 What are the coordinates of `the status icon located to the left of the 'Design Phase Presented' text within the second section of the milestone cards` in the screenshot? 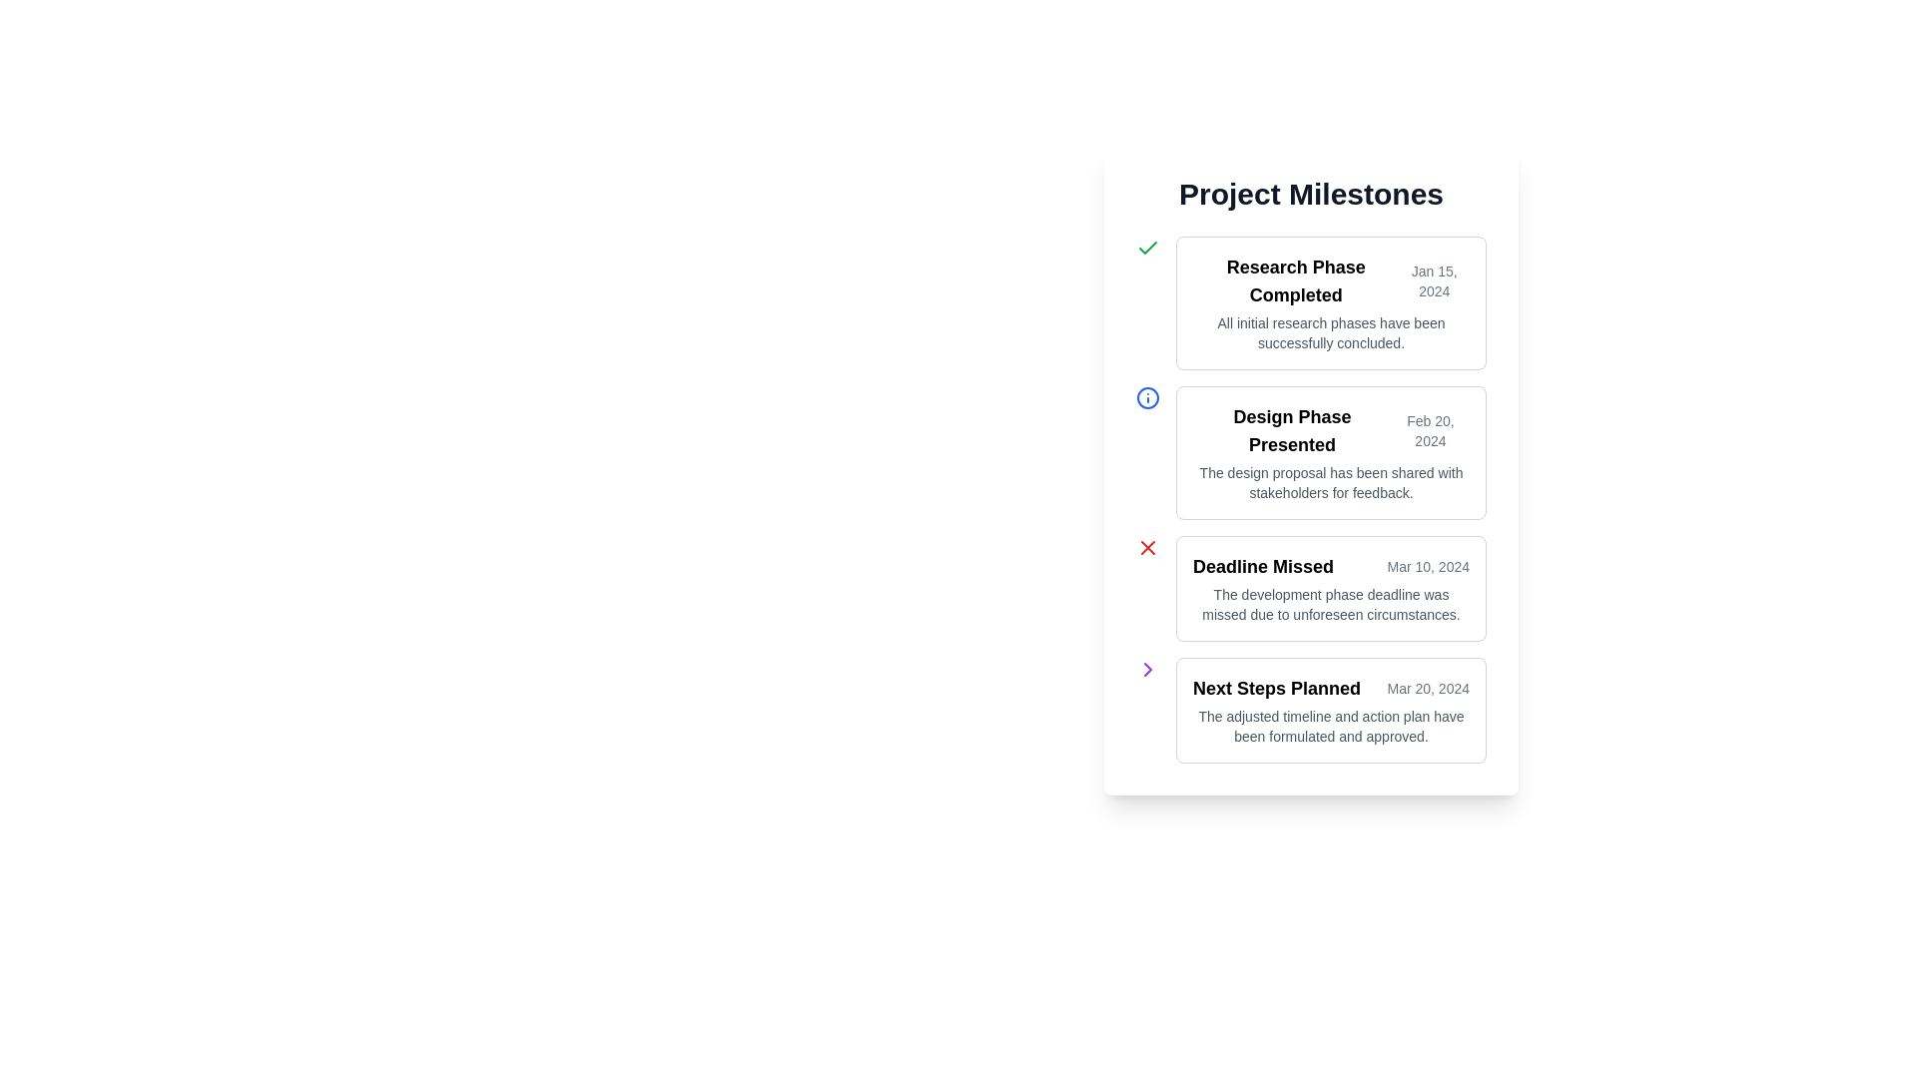 It's located at (1148, 397).